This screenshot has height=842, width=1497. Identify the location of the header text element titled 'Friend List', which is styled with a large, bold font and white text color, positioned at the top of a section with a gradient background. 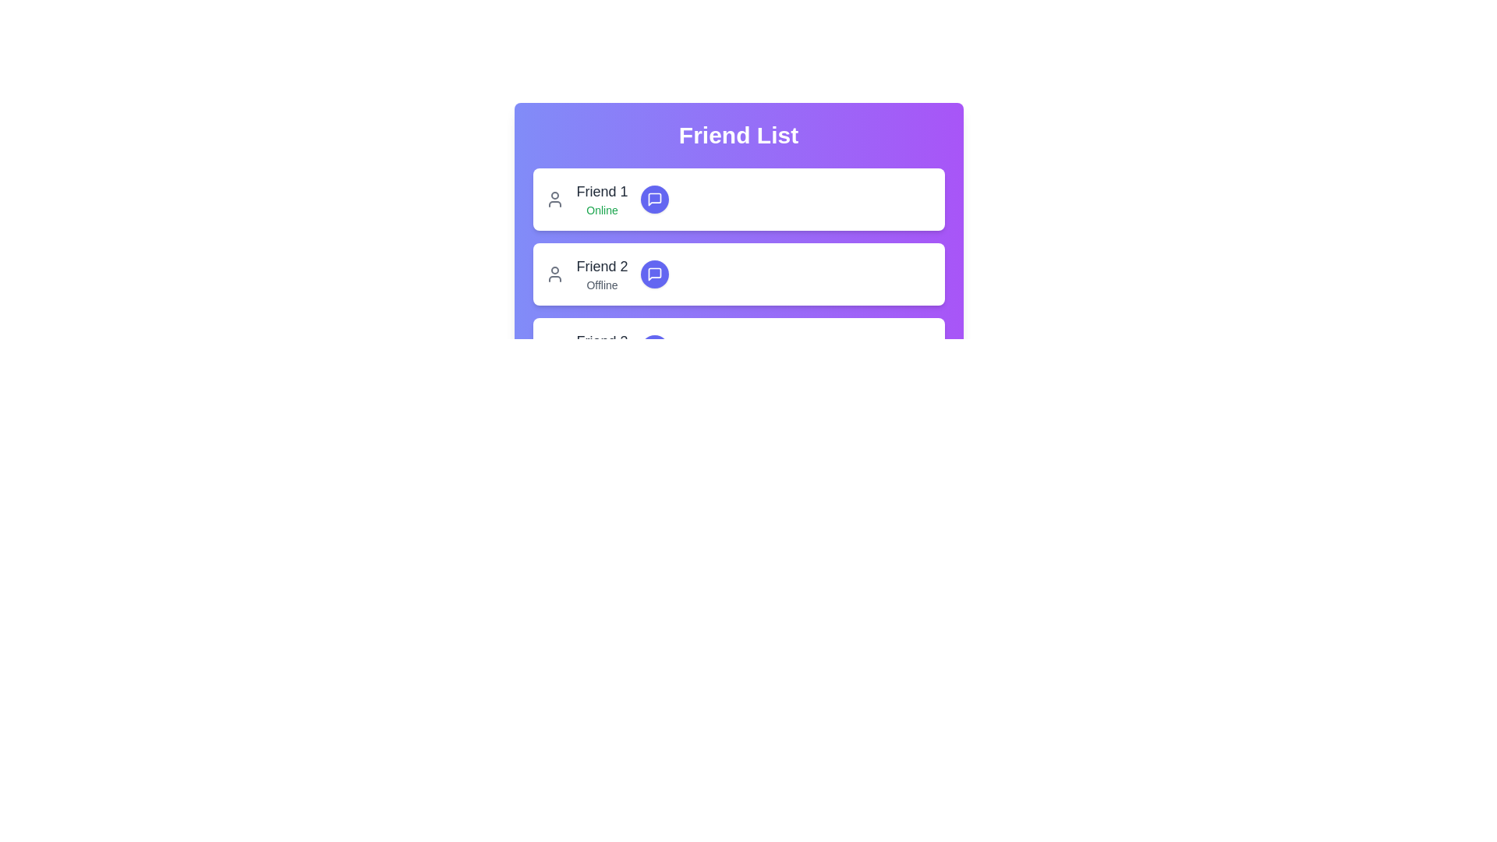
(738, 134).